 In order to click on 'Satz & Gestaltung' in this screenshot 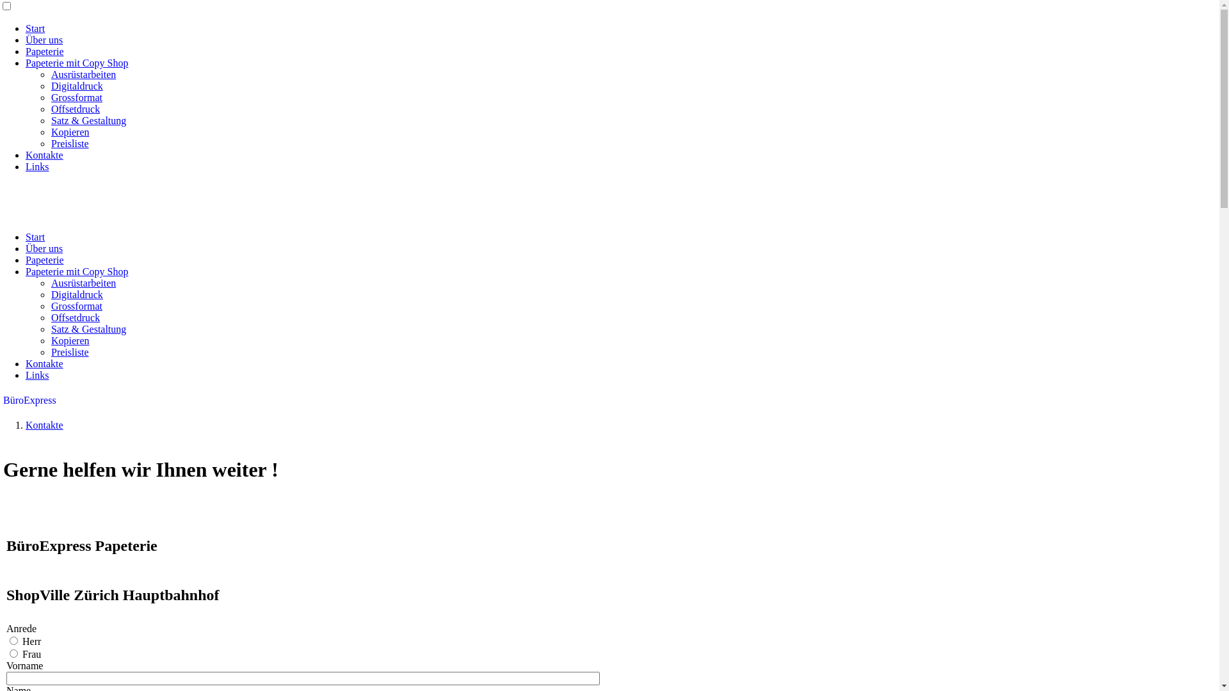, I will do `click(88, 328)`.